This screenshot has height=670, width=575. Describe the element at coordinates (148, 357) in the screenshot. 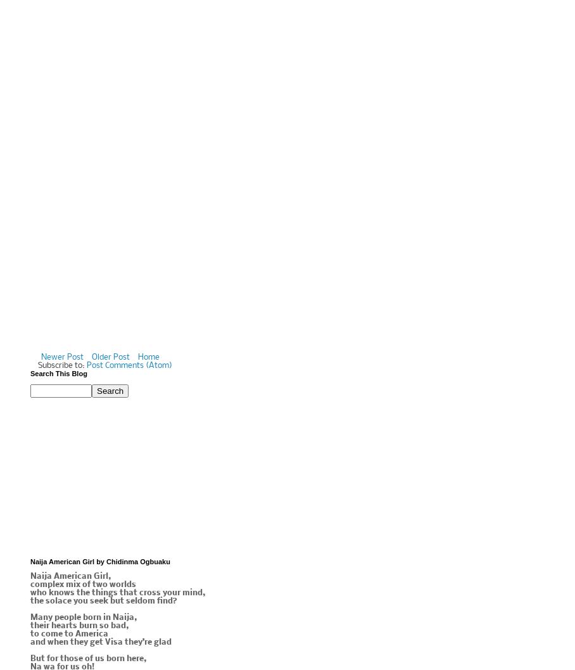

I see `'Home'` at that location.